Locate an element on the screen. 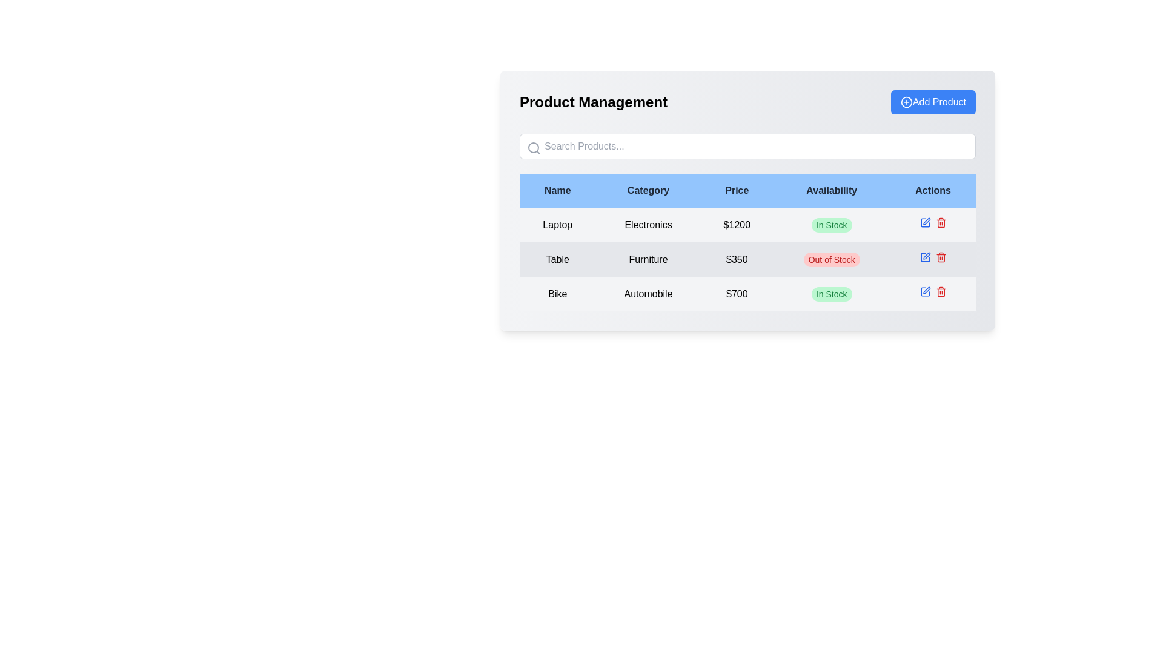  the Text Label indicating the category 'Automobile' located in the second column of the bottom row of the table is located at coordinates (648, 294).